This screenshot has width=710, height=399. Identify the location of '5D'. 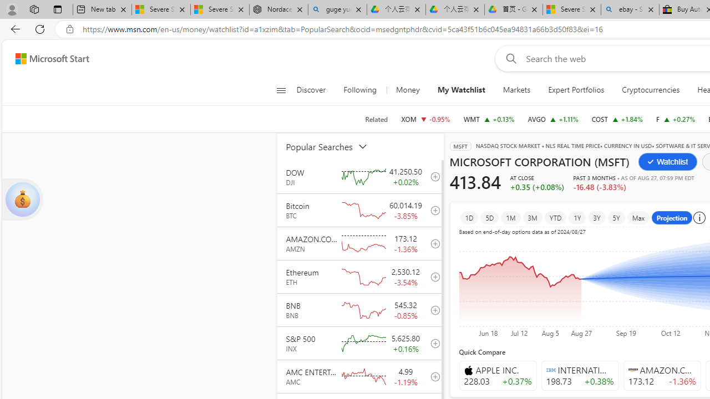
(489, 217).